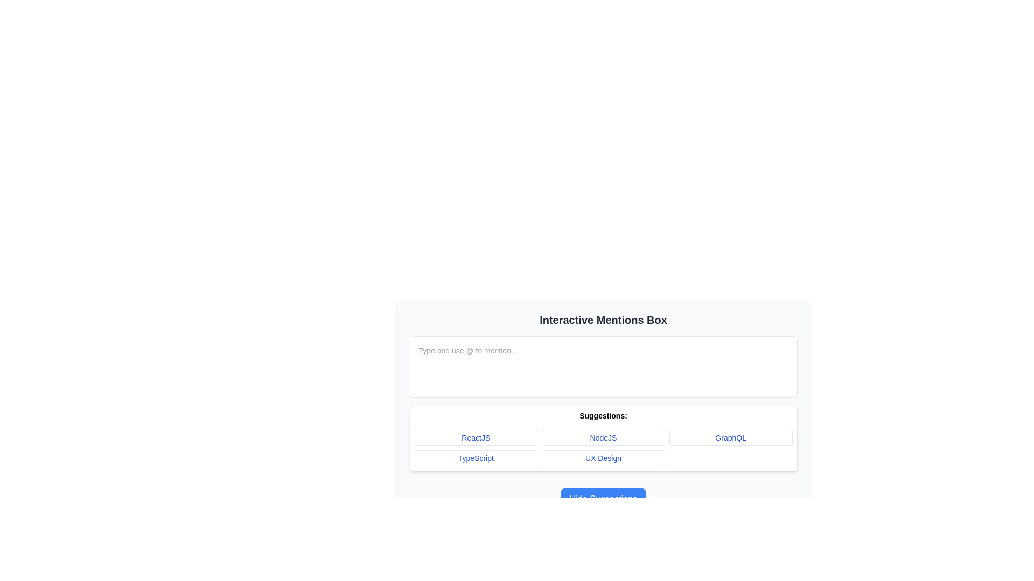 The width and height of the screenshot is (1034, 581). Describe the element at coordinates (603, 495) in the screenshot. I see `the button that hides the suggestions in the 'Suggestions:' section of the 'Interactive Mentions Box'` at that location.